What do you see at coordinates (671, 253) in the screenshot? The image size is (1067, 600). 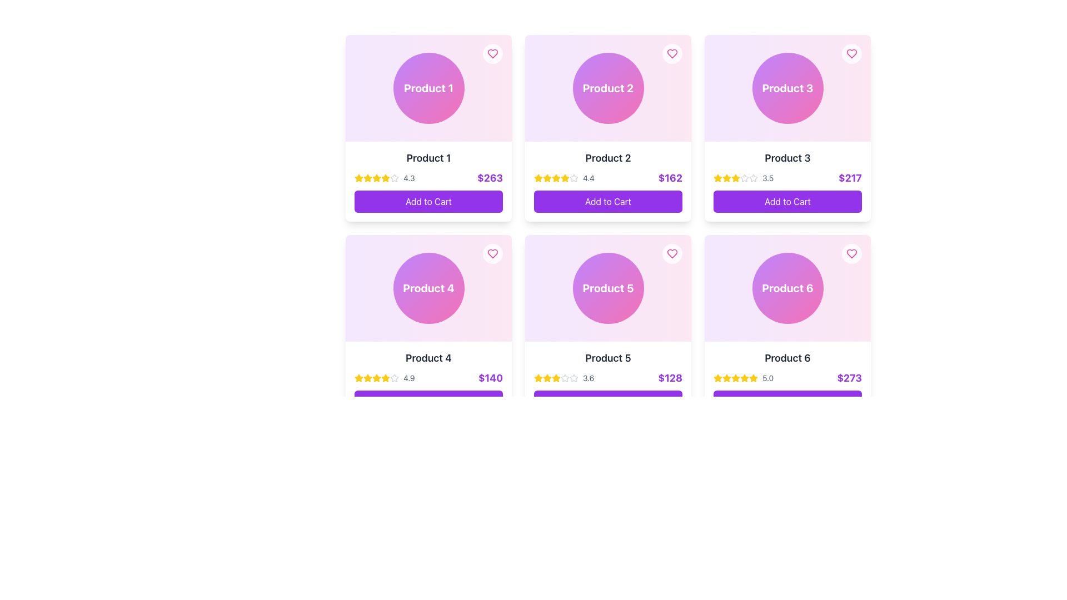 I see `the favorite button located in the top-right area of the 'Product 5' card` at bounding box center [671, 253].